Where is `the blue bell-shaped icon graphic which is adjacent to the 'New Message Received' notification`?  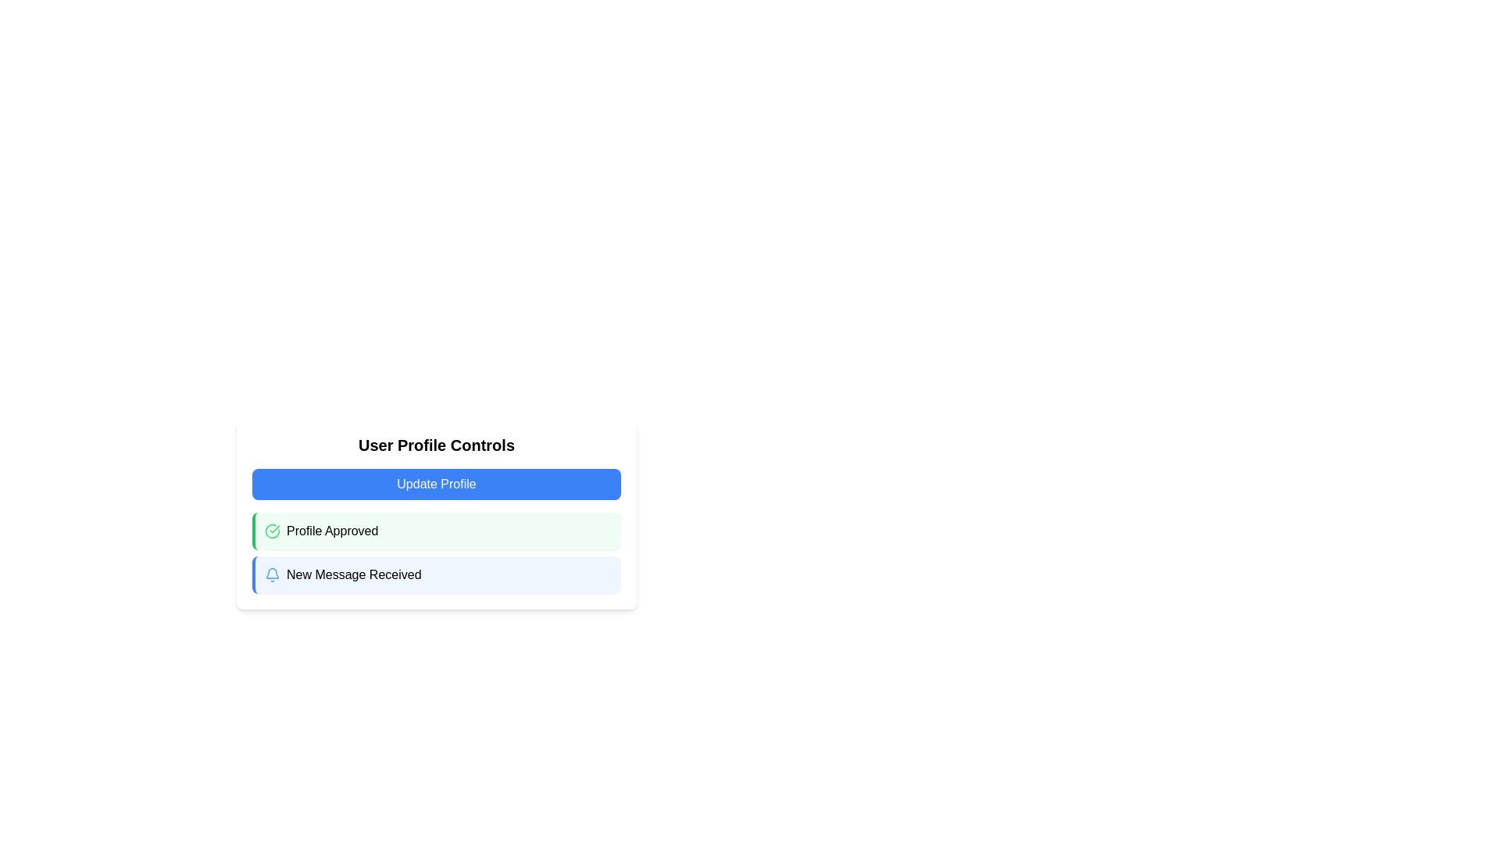
the blue bell-shaped icon graphic which is adjacent to the 'New Message Received' notification is located at coordinates (273, 573).